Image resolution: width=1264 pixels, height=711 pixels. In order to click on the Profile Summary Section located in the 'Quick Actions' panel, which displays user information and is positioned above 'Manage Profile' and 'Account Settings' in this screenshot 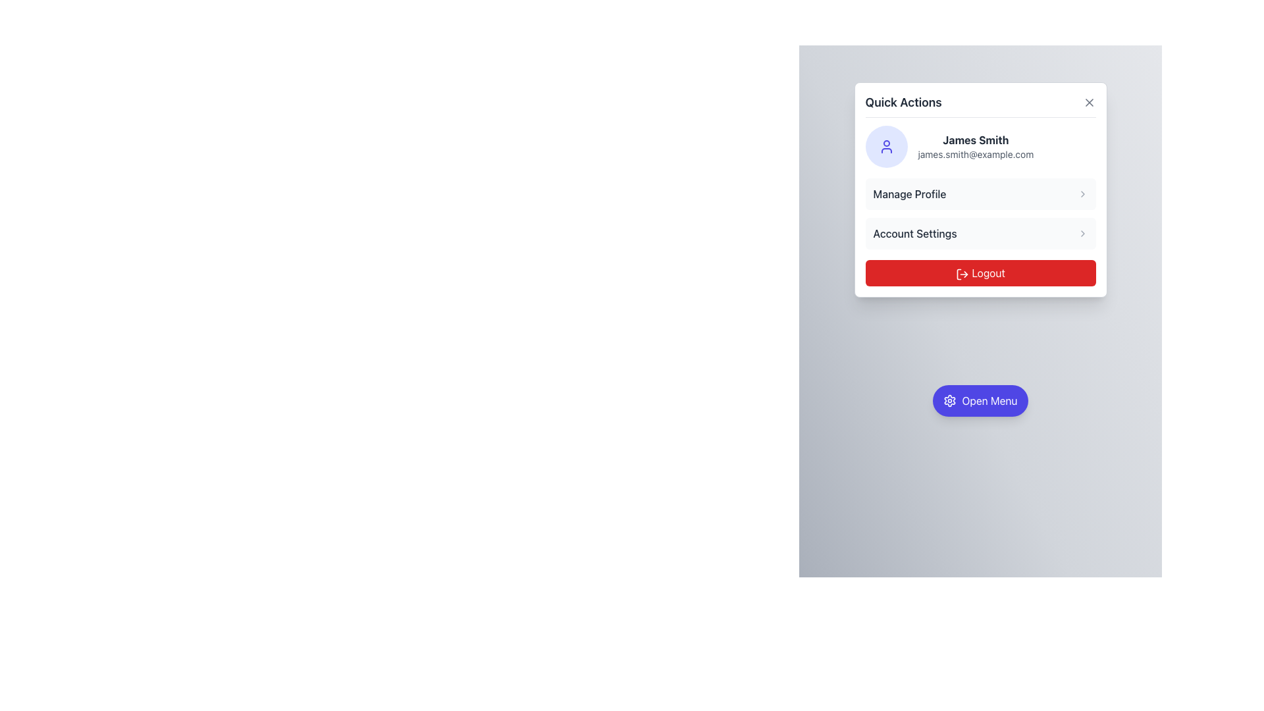, I will do `click(980, 147)`.